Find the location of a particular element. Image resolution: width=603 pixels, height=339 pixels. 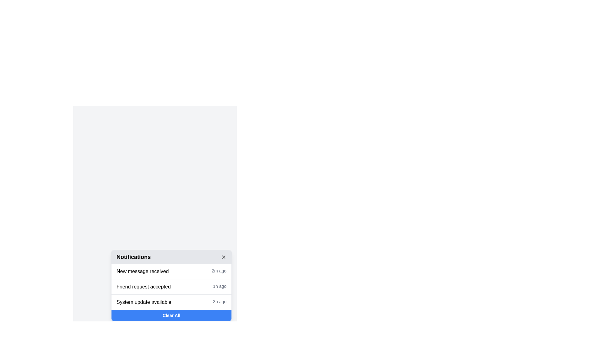

the last notification item in the list that informs the user of a system update available 3 hours ago is located at coordinates (171, 301).